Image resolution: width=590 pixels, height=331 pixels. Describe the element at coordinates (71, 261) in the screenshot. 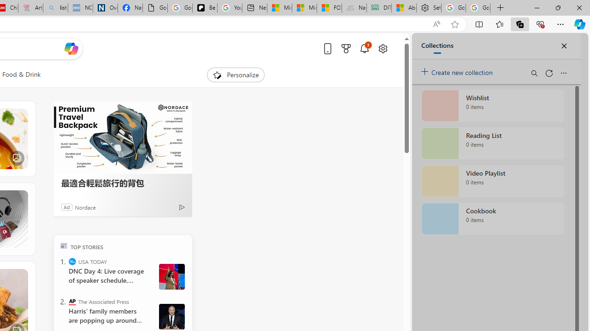

I see `'USA TODAY'` at that location.